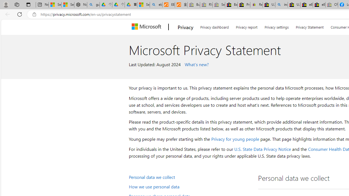 The image size is (349, 196). What do you see at coordinates (277, 26) in the screenshot?
I see `'Privacy settings'` at bounding box center [277, 26].